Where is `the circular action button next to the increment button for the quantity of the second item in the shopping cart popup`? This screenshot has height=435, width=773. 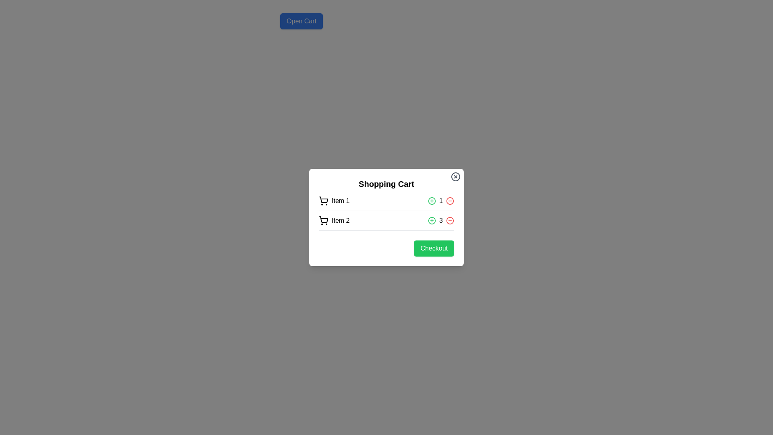
the circular action button next to the increment button for the quantity of the second item in the shopping cart popup is located at coordinates (432, 200).